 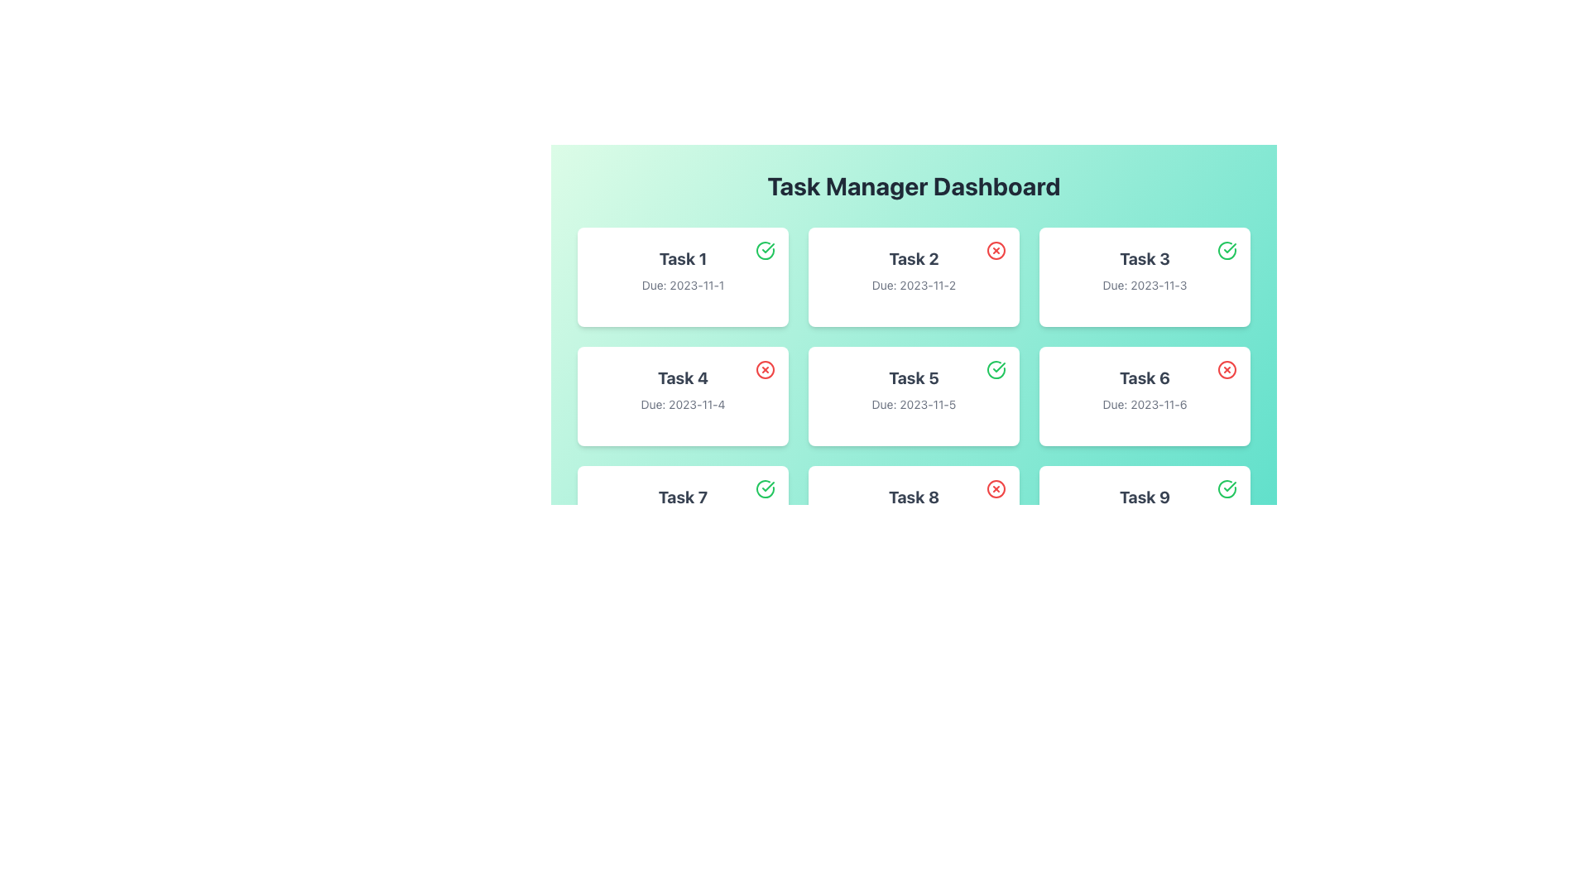 I want to click on the circular red icon with a white background and a bold red 'X' symbol located in the top-right corner of the 'Task 8' card labeled 'Due: 2023-11-8', so click(x=996, y=488).